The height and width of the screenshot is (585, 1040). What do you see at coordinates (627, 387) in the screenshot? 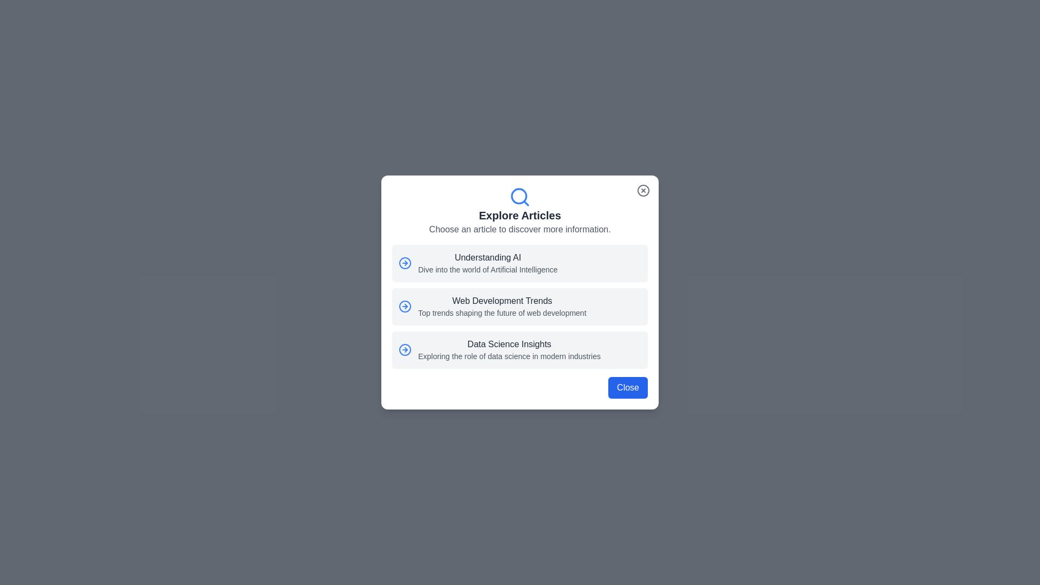
I see `'Close' button at the bottom-right of the dialog` at bounding box center [627, 387].